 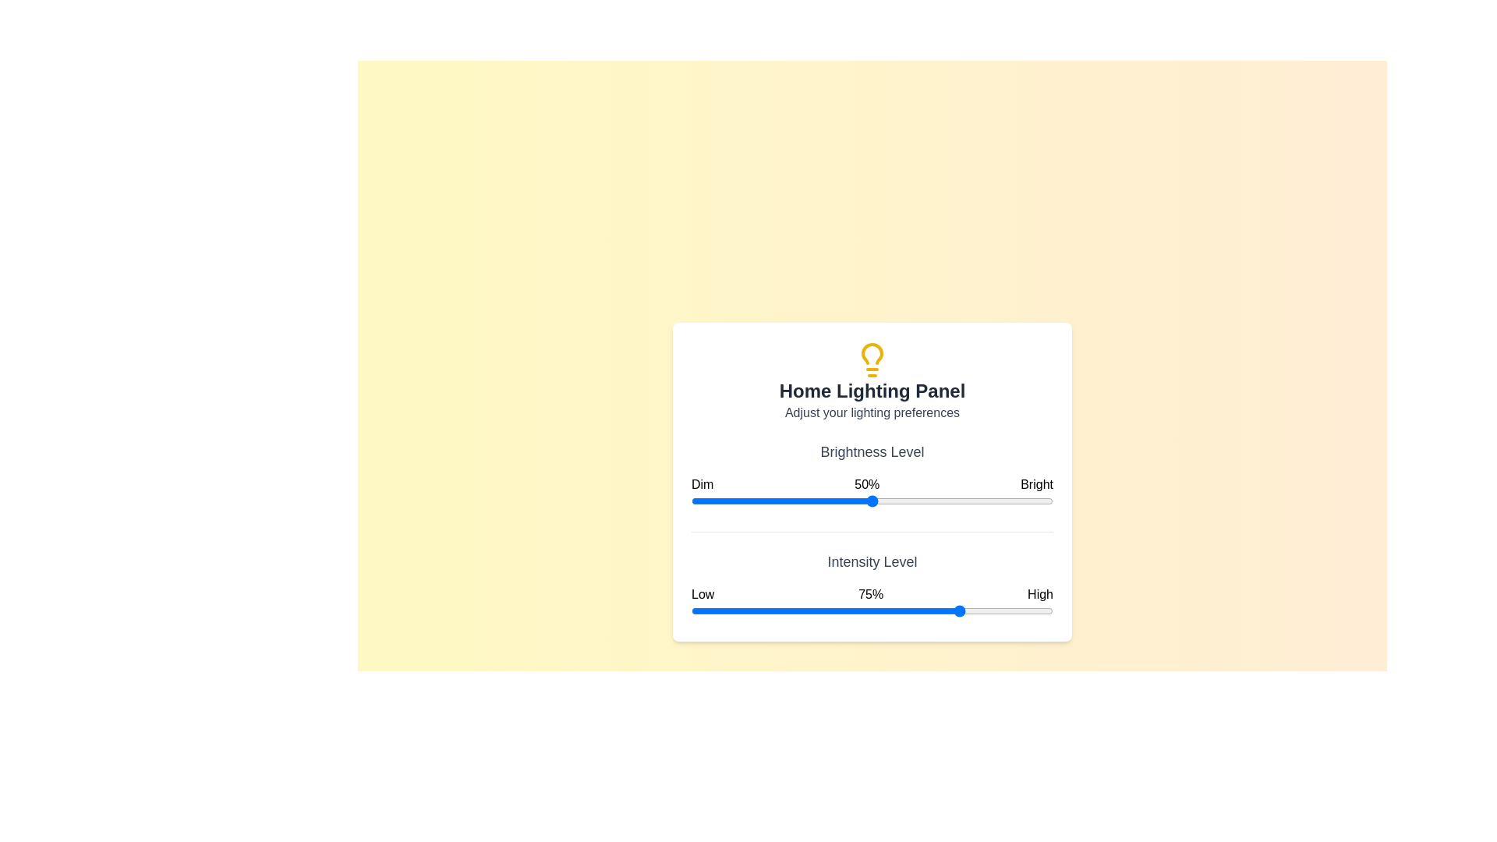 What do you see at coordinates (943, 610) in the screenshot?
I see `the Intensity Level slider` at bounding box center [943, 610].